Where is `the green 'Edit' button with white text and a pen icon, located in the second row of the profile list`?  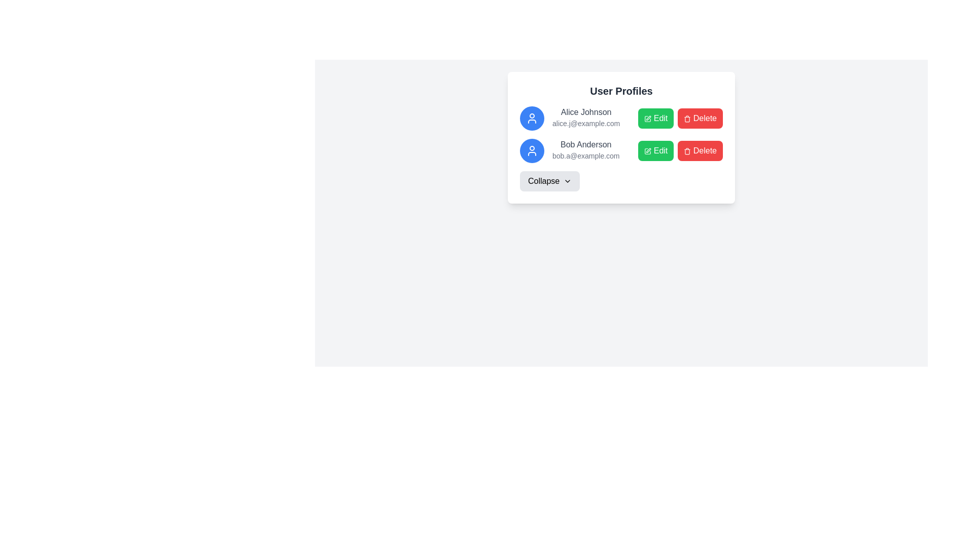
the green 'Edit' button with white text and a pen icon, located in the second row of the profile list is located at coordinates (656, 150).